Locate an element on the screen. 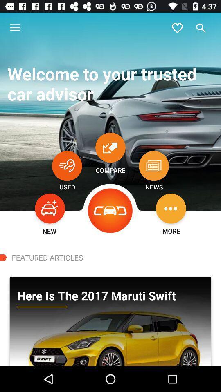  options is located at coordinates (170, 208).